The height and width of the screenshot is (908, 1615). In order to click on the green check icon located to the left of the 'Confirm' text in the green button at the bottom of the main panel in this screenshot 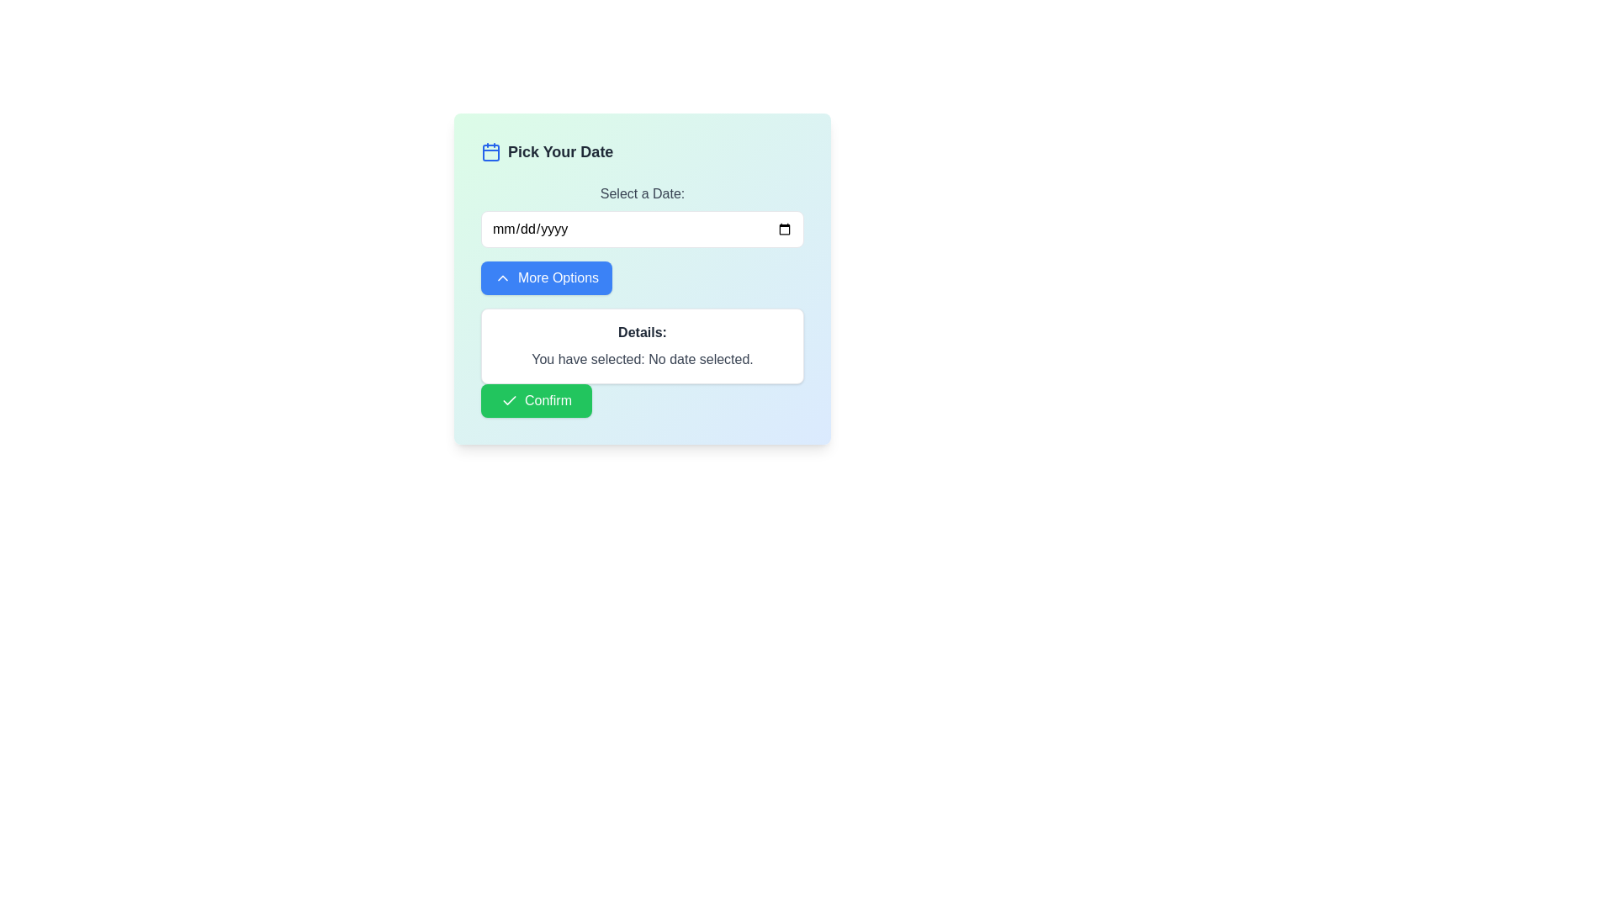, I will do `click(508, 401)`.